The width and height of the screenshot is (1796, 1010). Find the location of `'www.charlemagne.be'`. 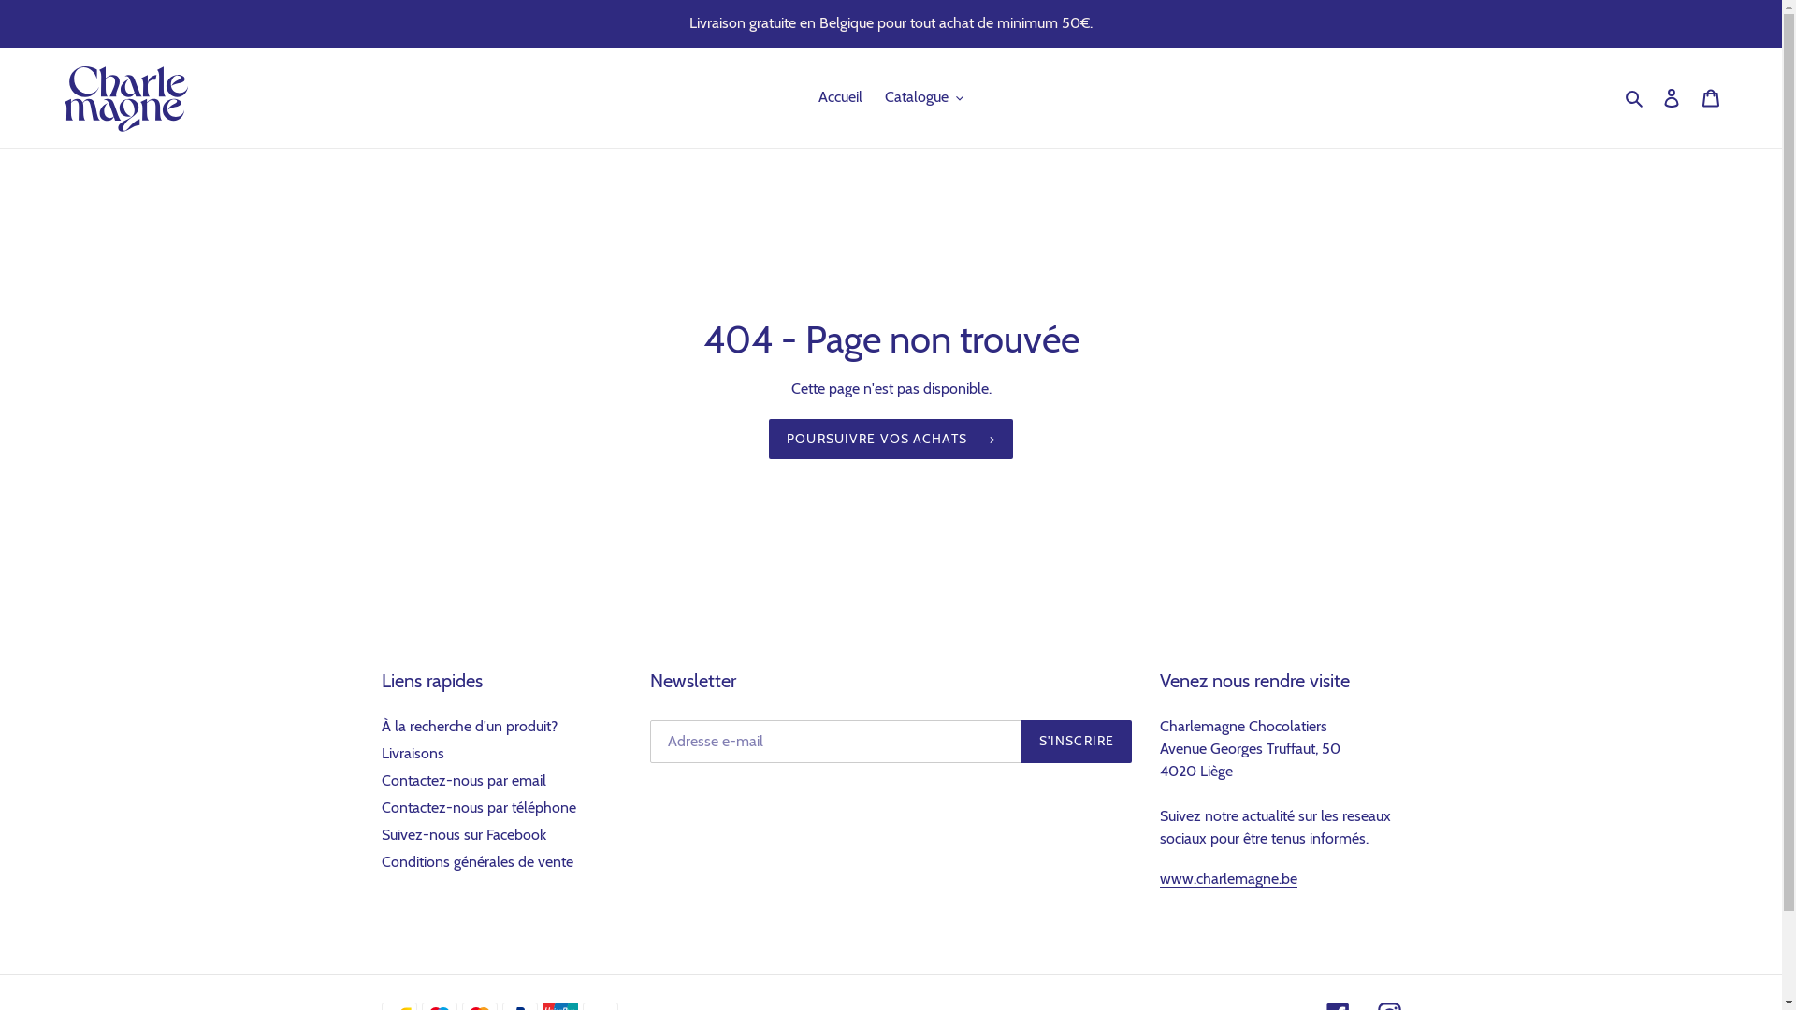

'www.charlemagne.be' is located at coordinates (1158, 879).